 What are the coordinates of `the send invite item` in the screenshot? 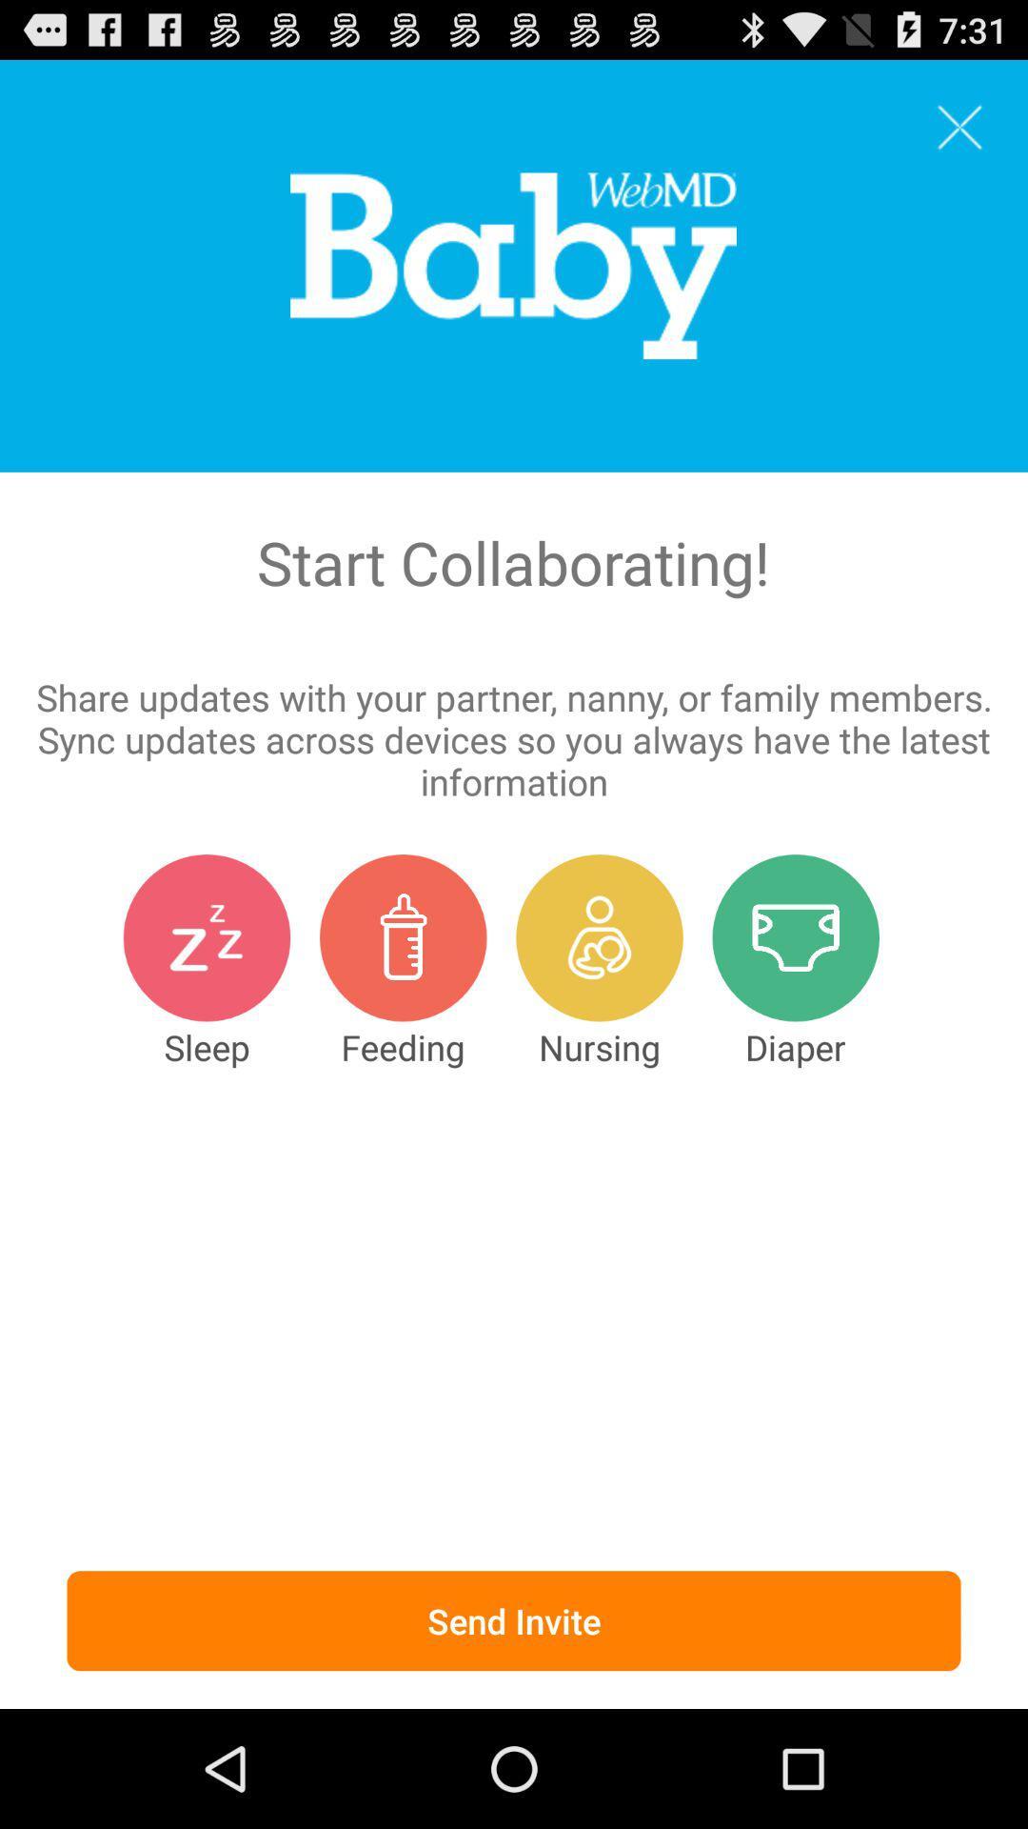 It's located at (514, 1619).